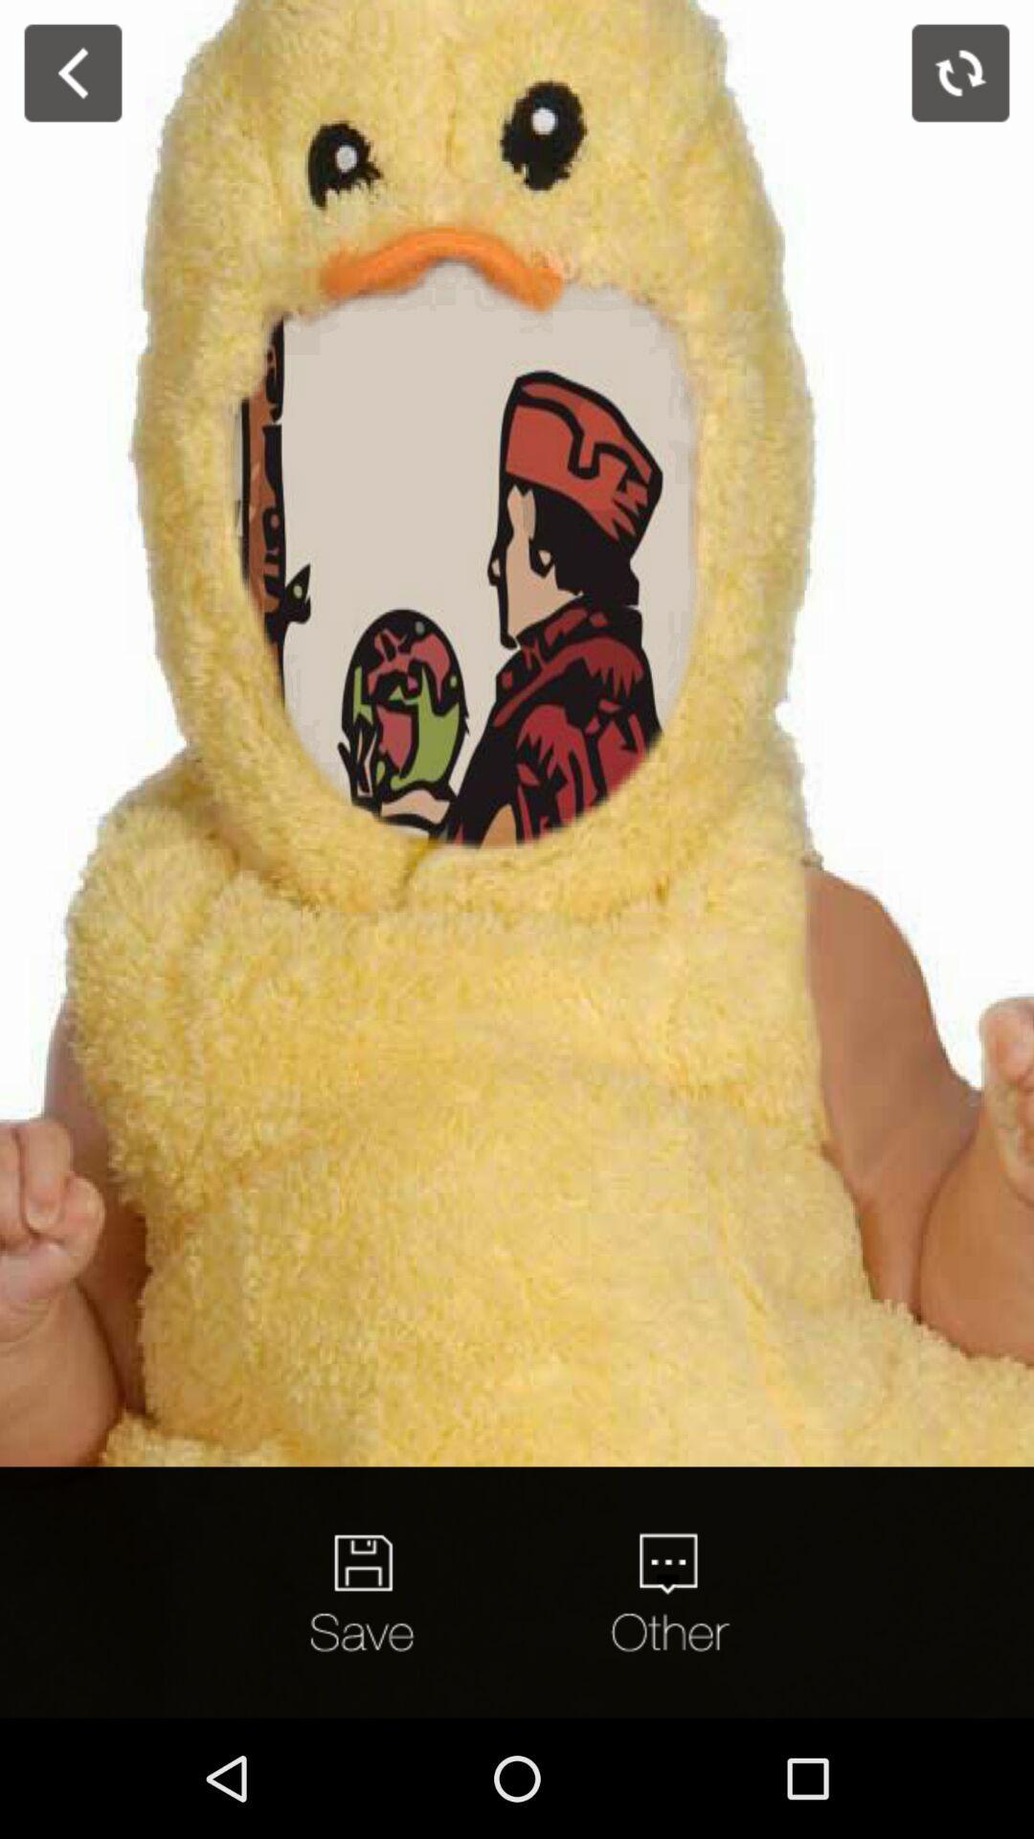 Image resolution: width=1034 pixels, height=1839 pixels. Describe the element at coordinates (960, 73) in the screenshot. I see `the item at the top right corner` at that location.